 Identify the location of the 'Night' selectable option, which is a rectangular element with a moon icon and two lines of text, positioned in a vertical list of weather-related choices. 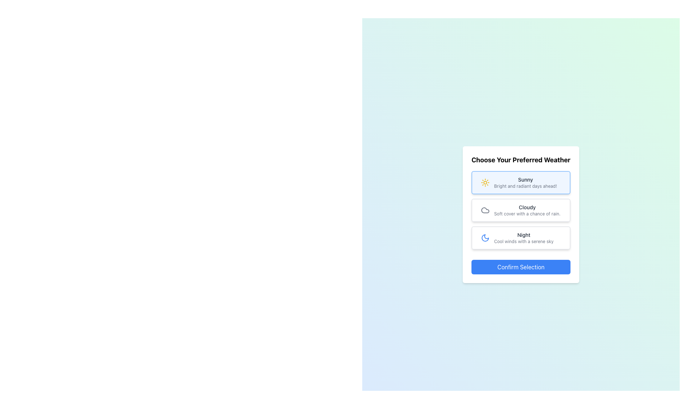
(520, 238).